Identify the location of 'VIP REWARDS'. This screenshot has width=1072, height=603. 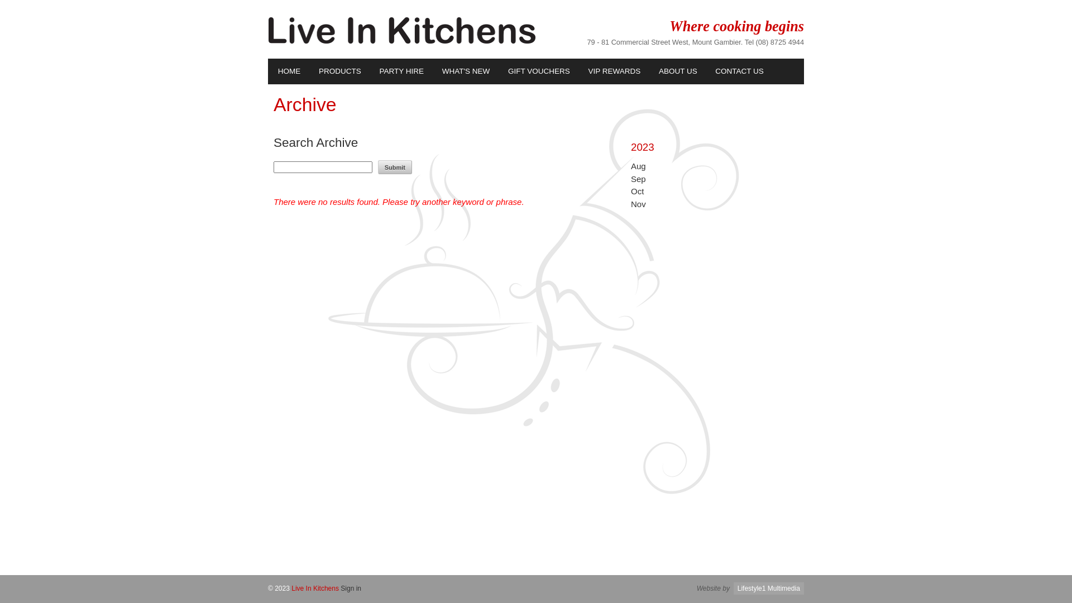
(578, 71).